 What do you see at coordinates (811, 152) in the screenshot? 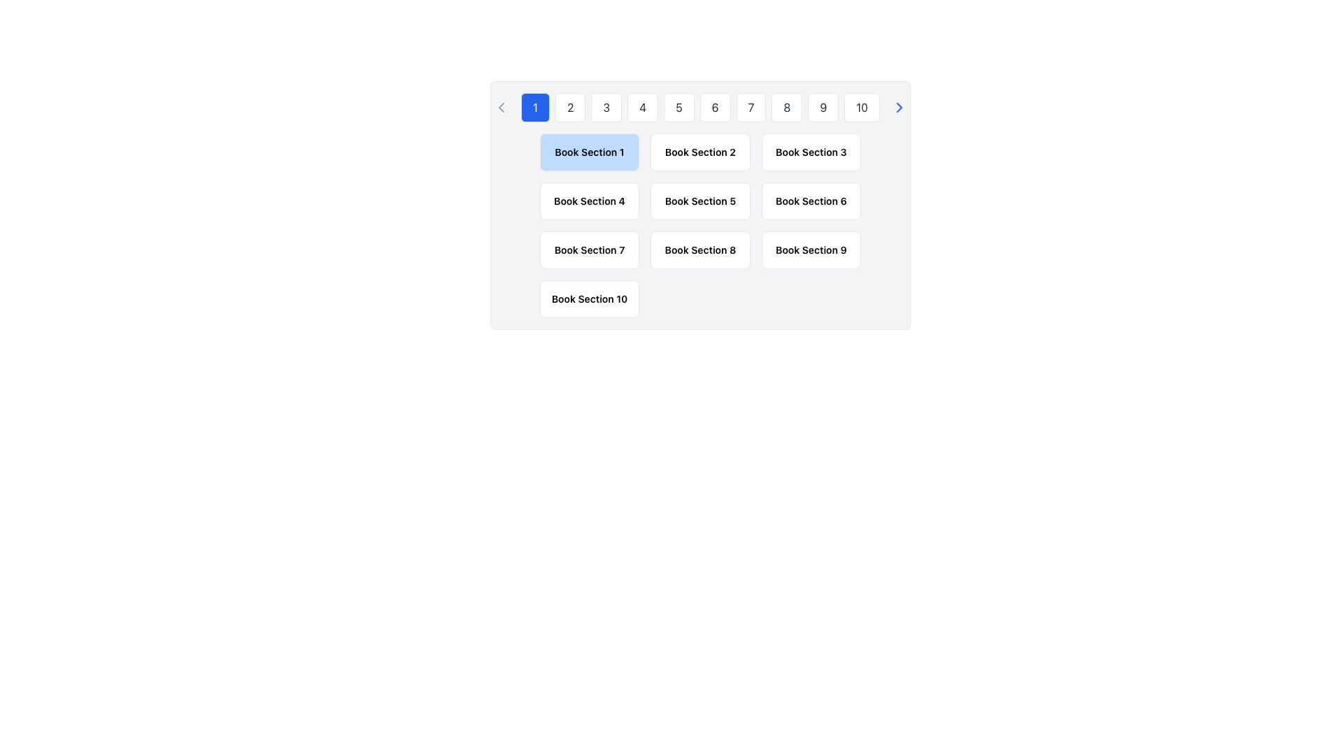
I see `the button in the top row, third column of the grid to invoke navigation to 'Book Section 3'` at bounding box center [811, 152].